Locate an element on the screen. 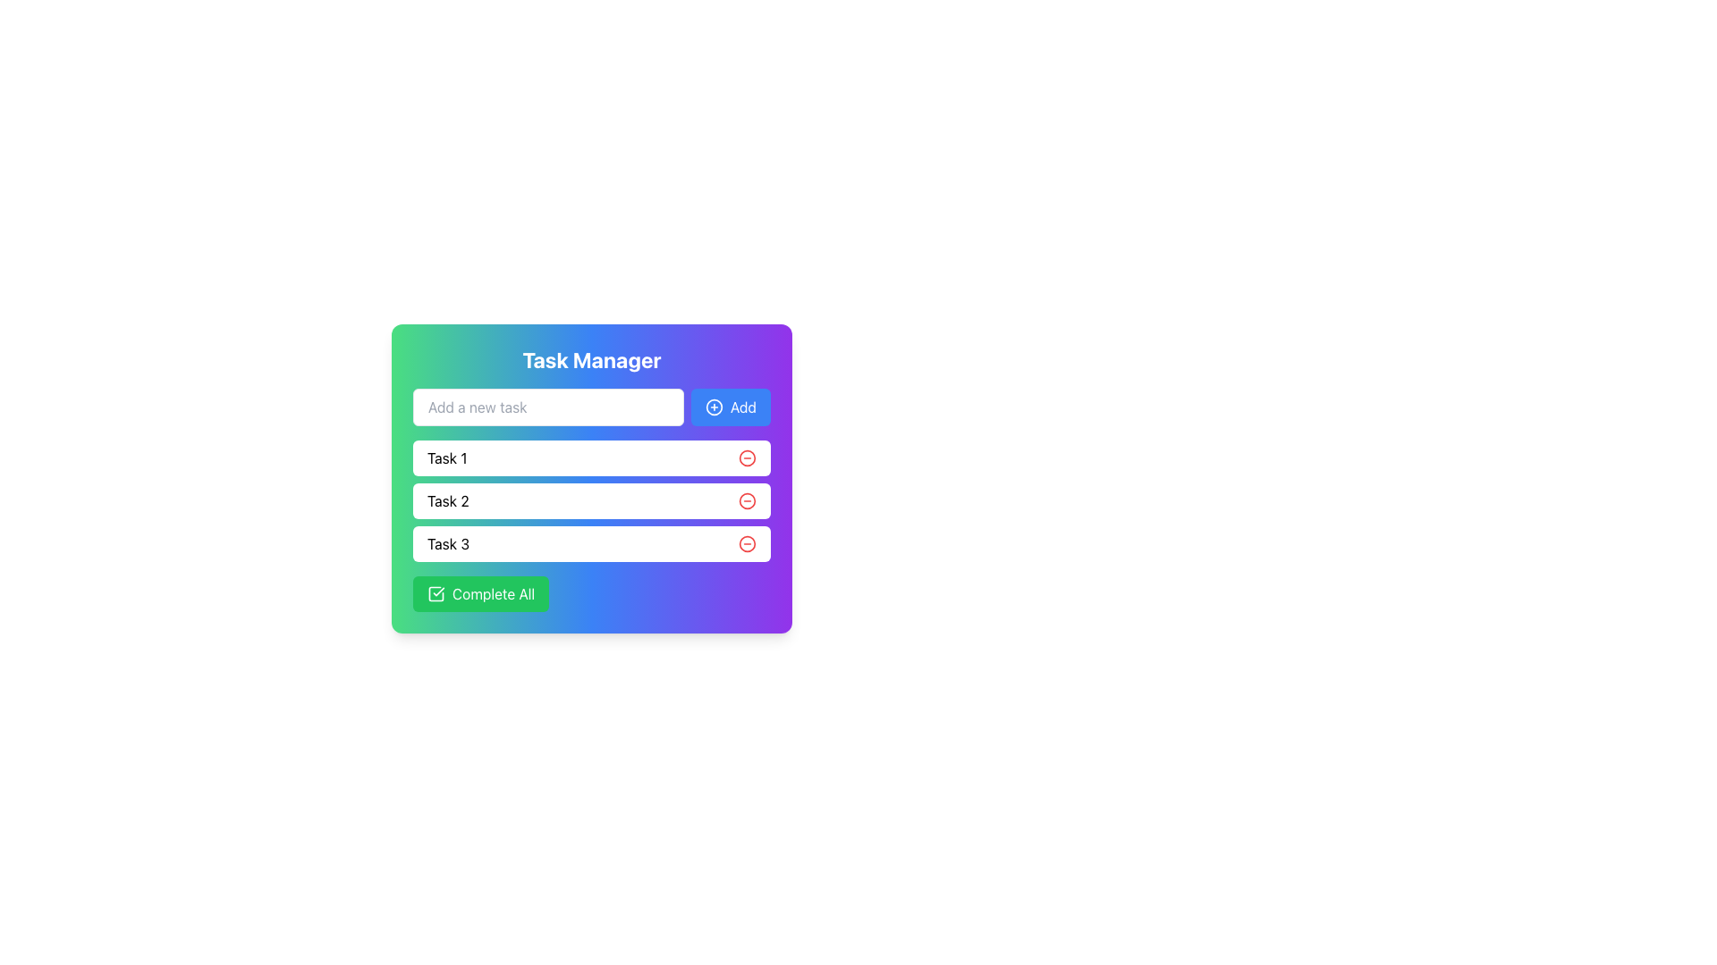 The width and height of the screenshot is (1717, 965). the blue 'Add' button with a white plus sign icon is located at coordinates (731, 407).